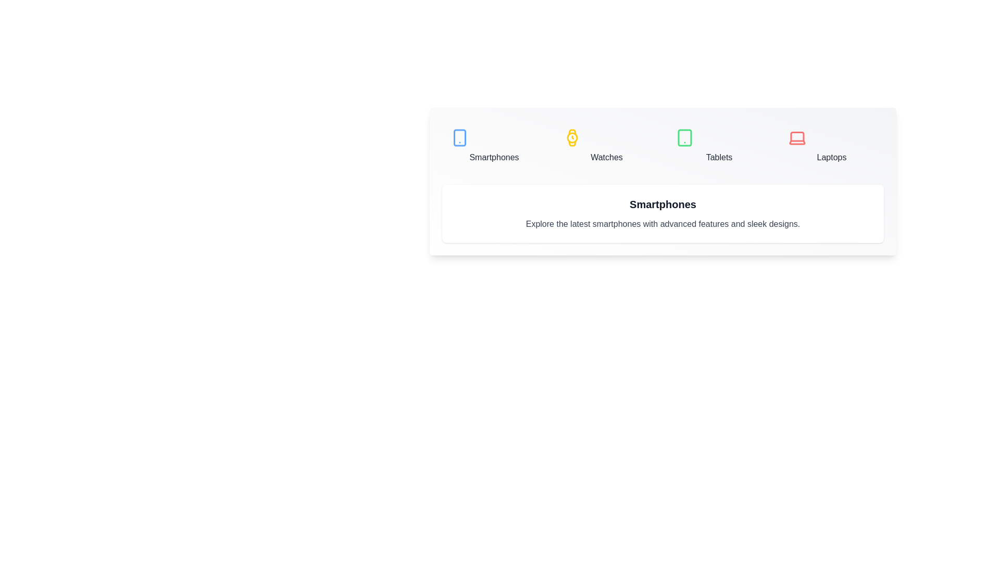  I want to click on the Laptops tab to view its details, so click(831, 146).